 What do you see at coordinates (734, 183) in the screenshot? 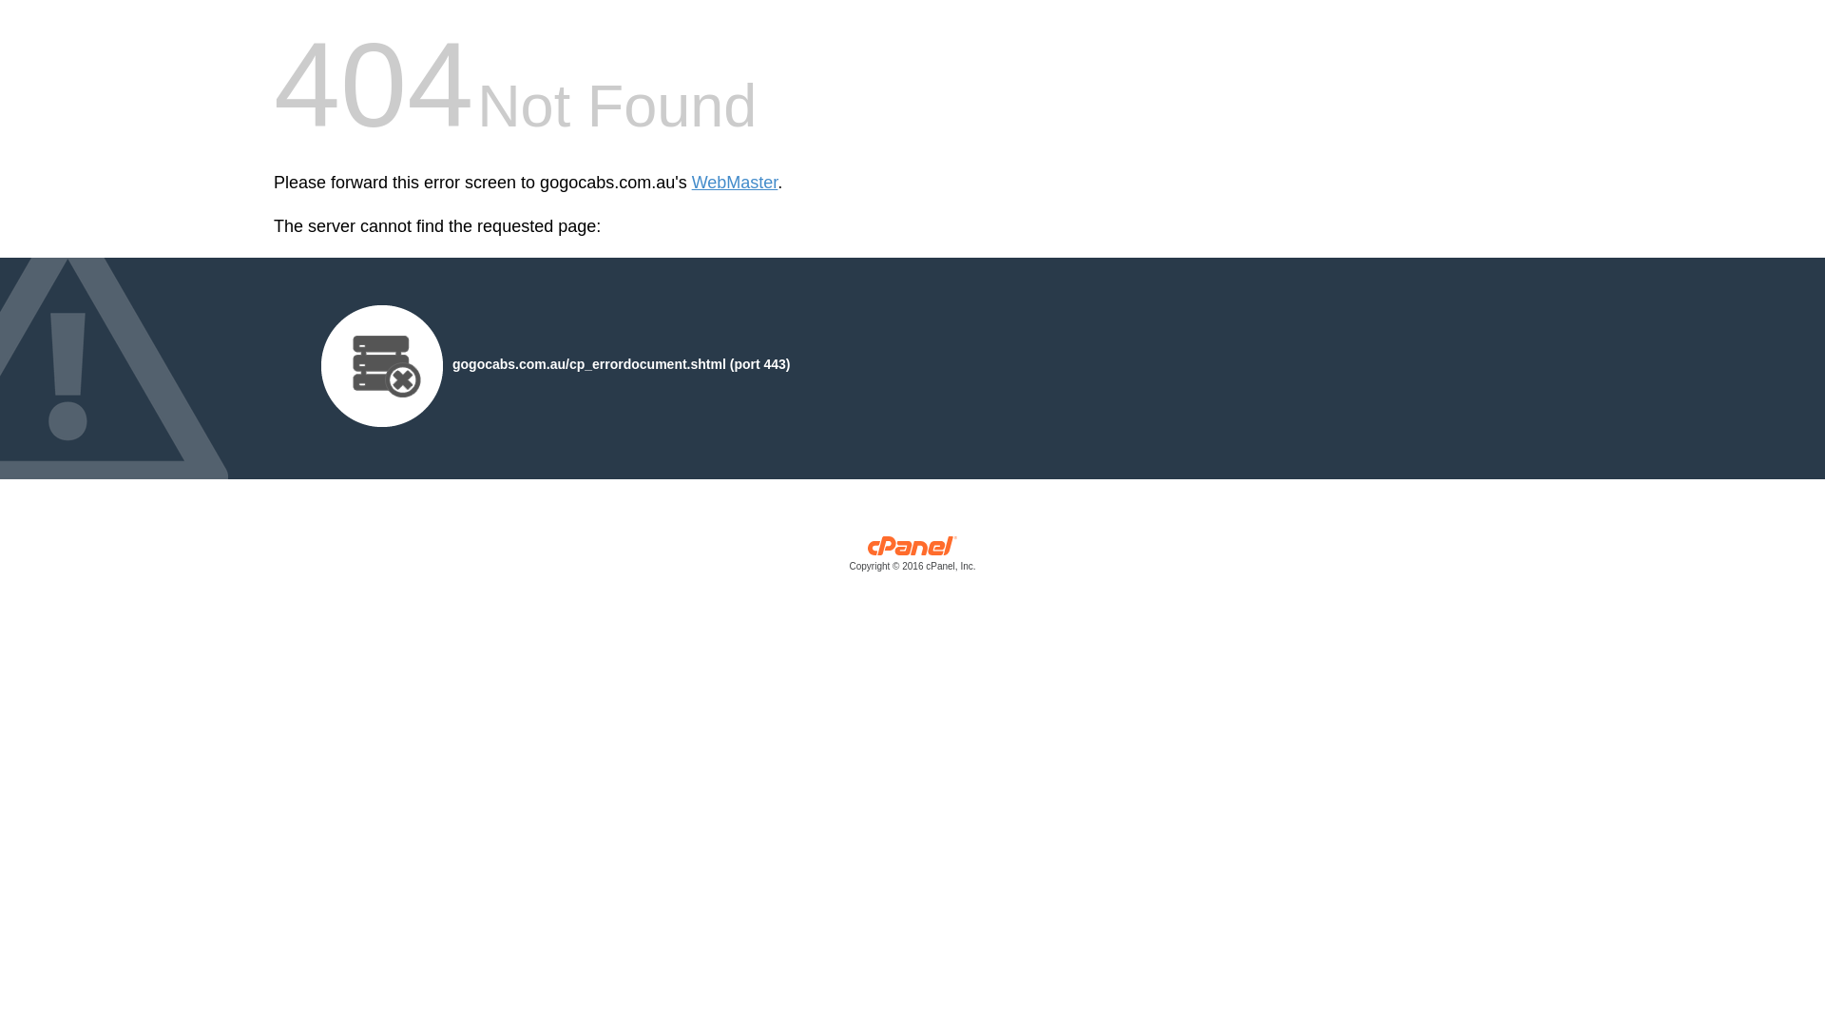
I see `'WebMaster'` at bounding box center [734, 183].